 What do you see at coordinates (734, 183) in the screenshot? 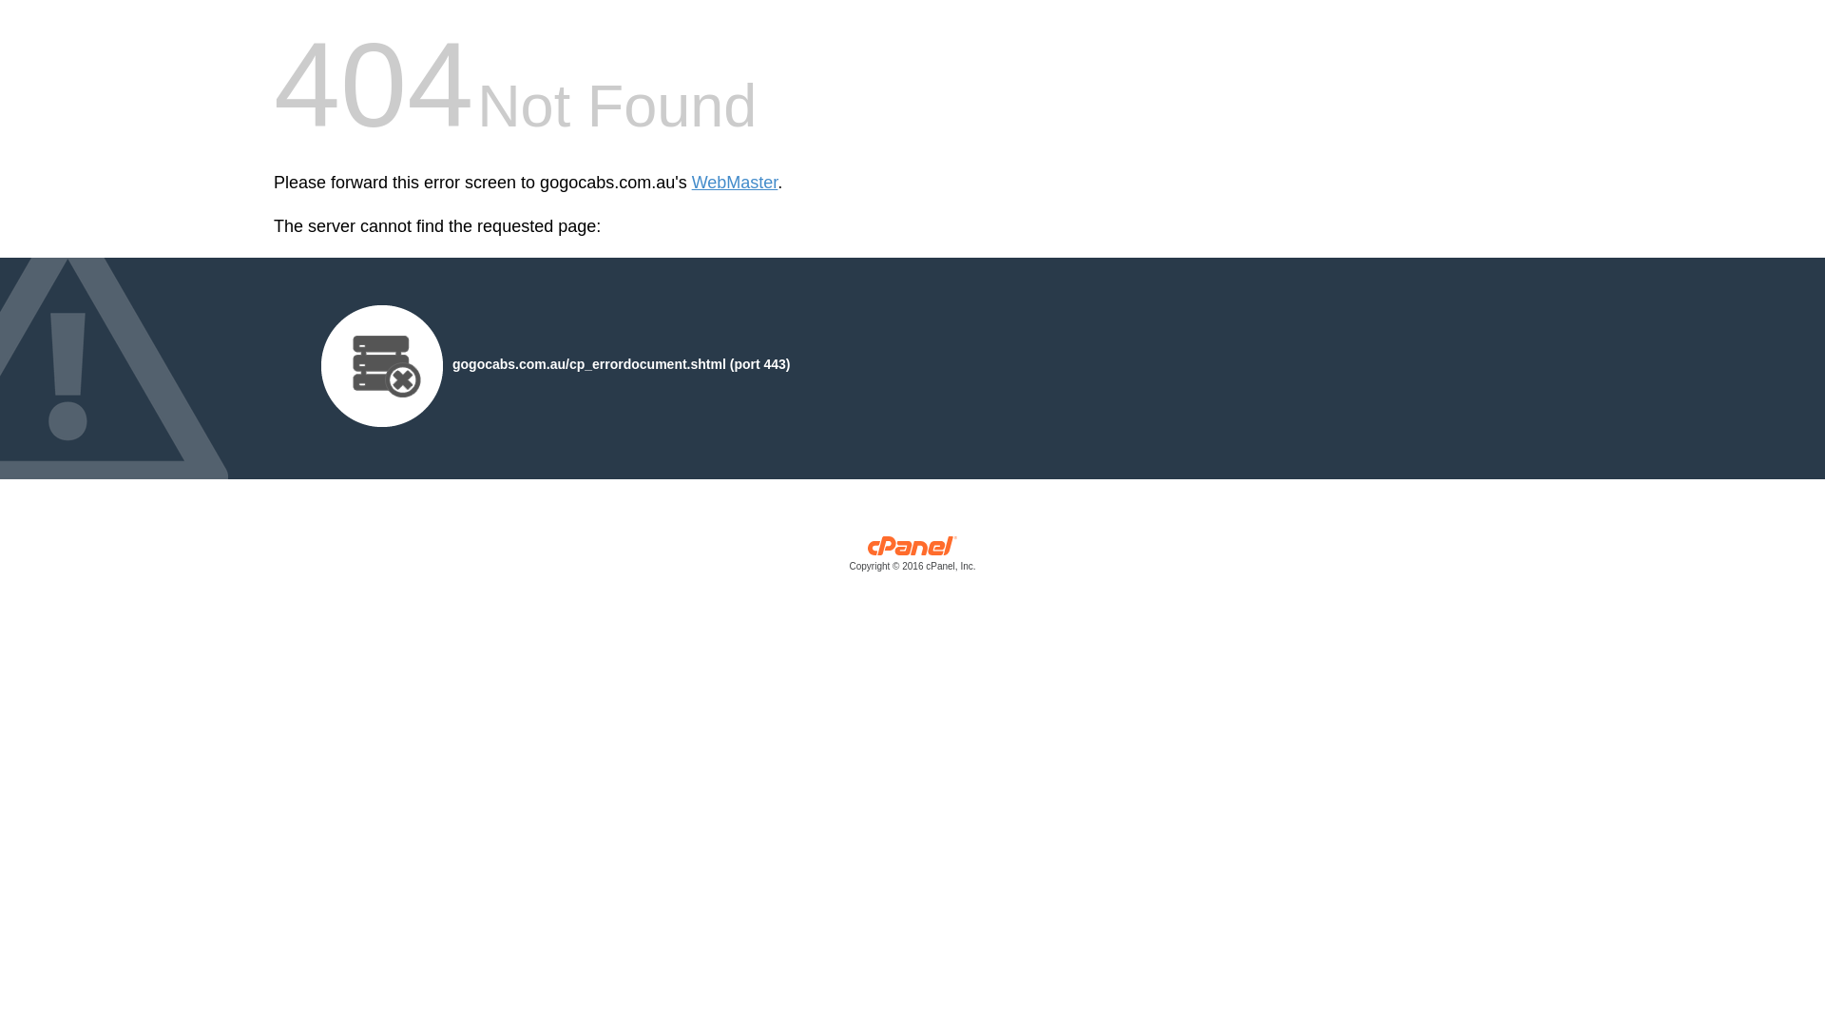
I see `'WebMaster'` at bounding box center [734, 183].